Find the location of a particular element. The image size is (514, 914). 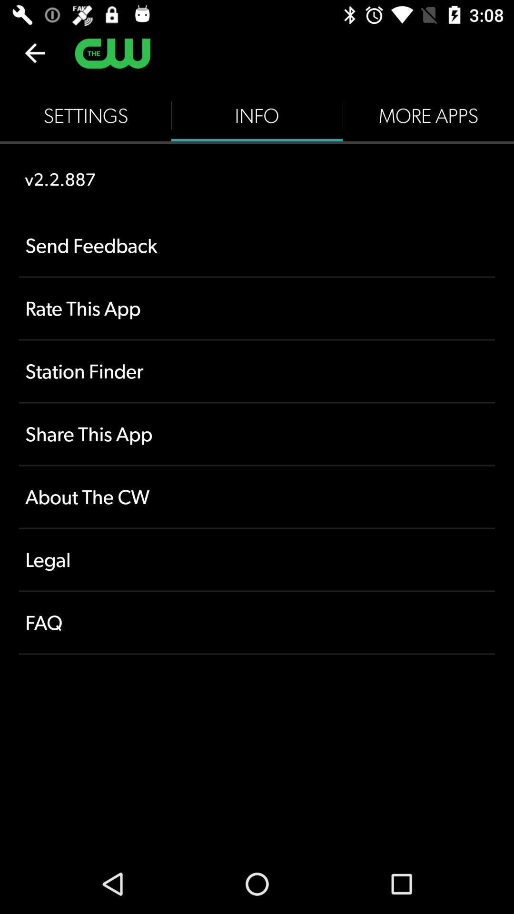

icon above faq icon is located at coordinates (257, 560).